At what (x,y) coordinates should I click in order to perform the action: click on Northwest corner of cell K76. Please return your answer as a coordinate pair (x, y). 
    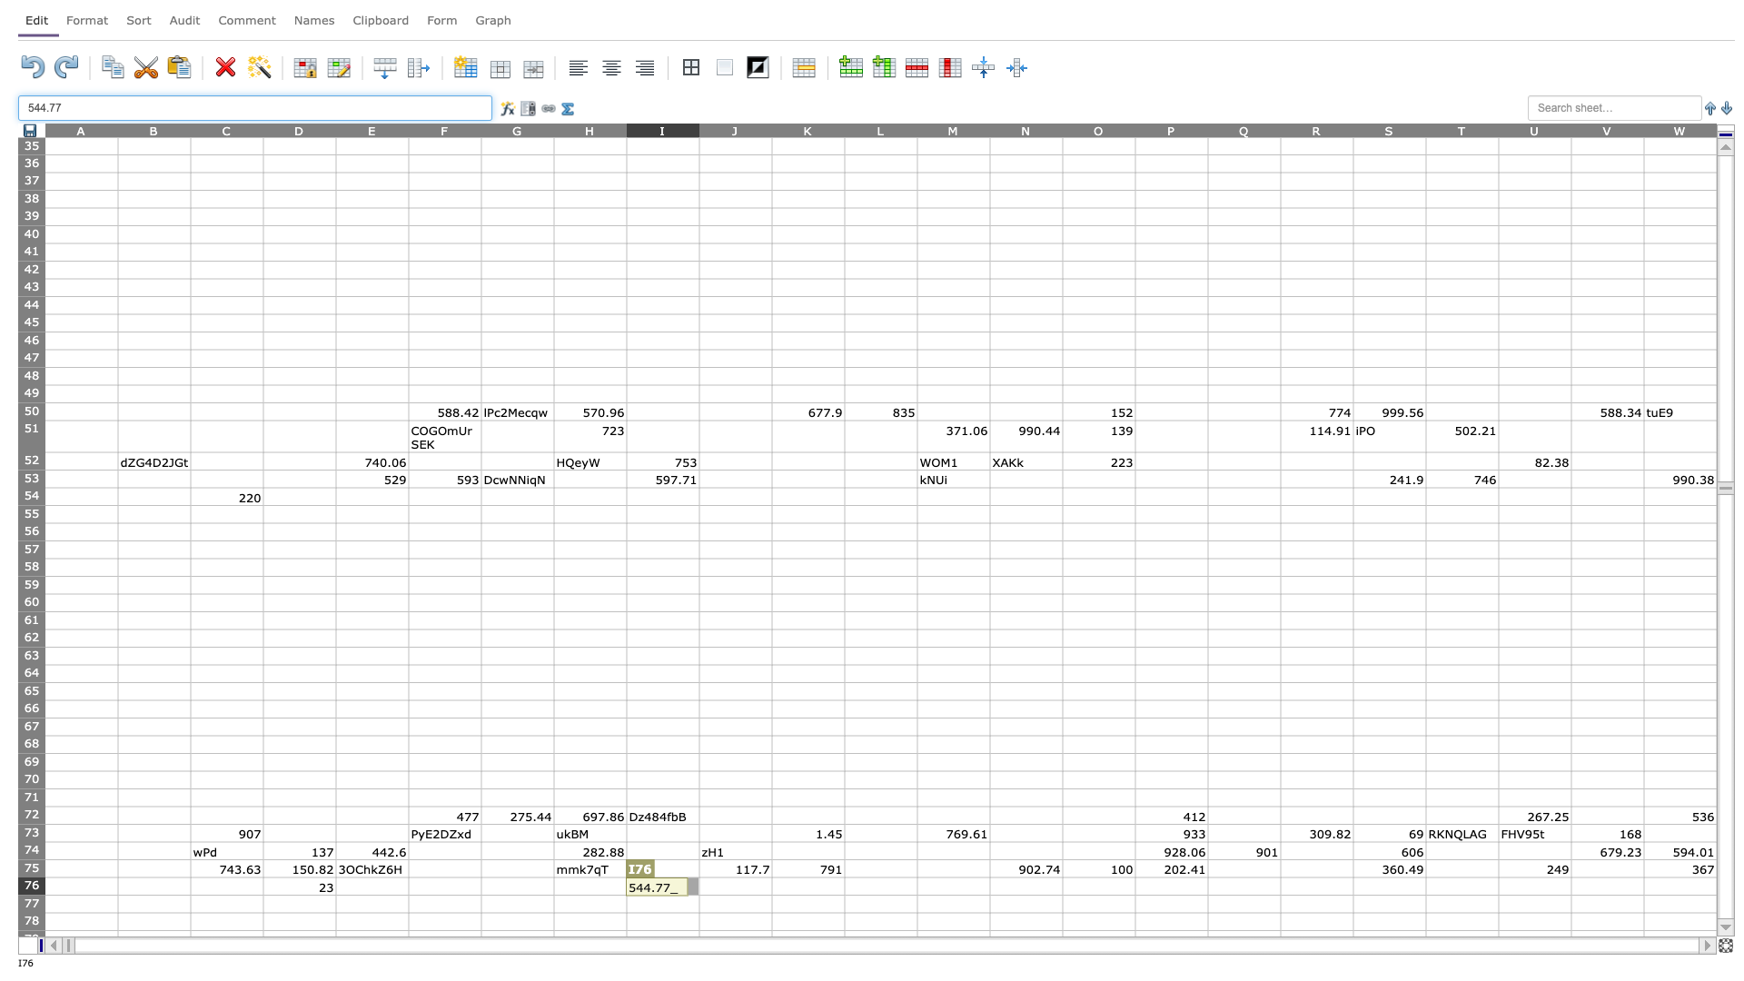
    Looking at the image, I should click on (771, 876).